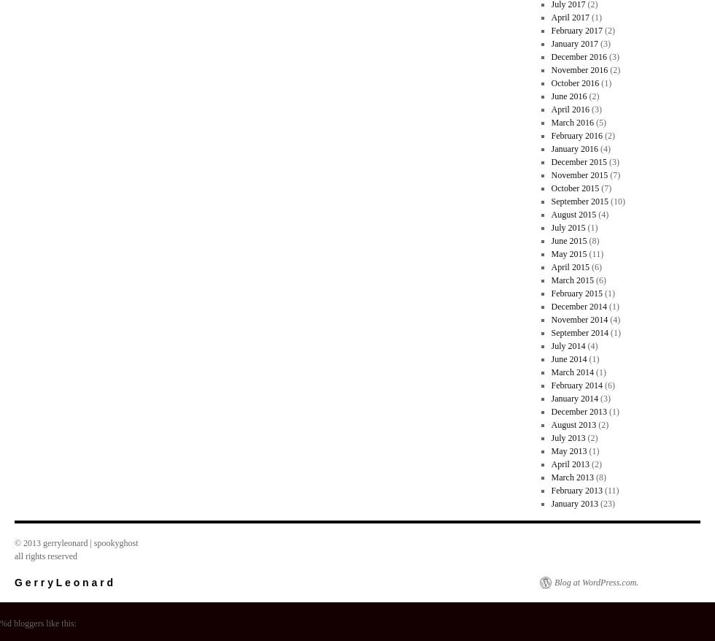  What do you see at coordinates (579, 174) in the screenshot?
I see `'November 2015'` at bounding box center [579, 174].